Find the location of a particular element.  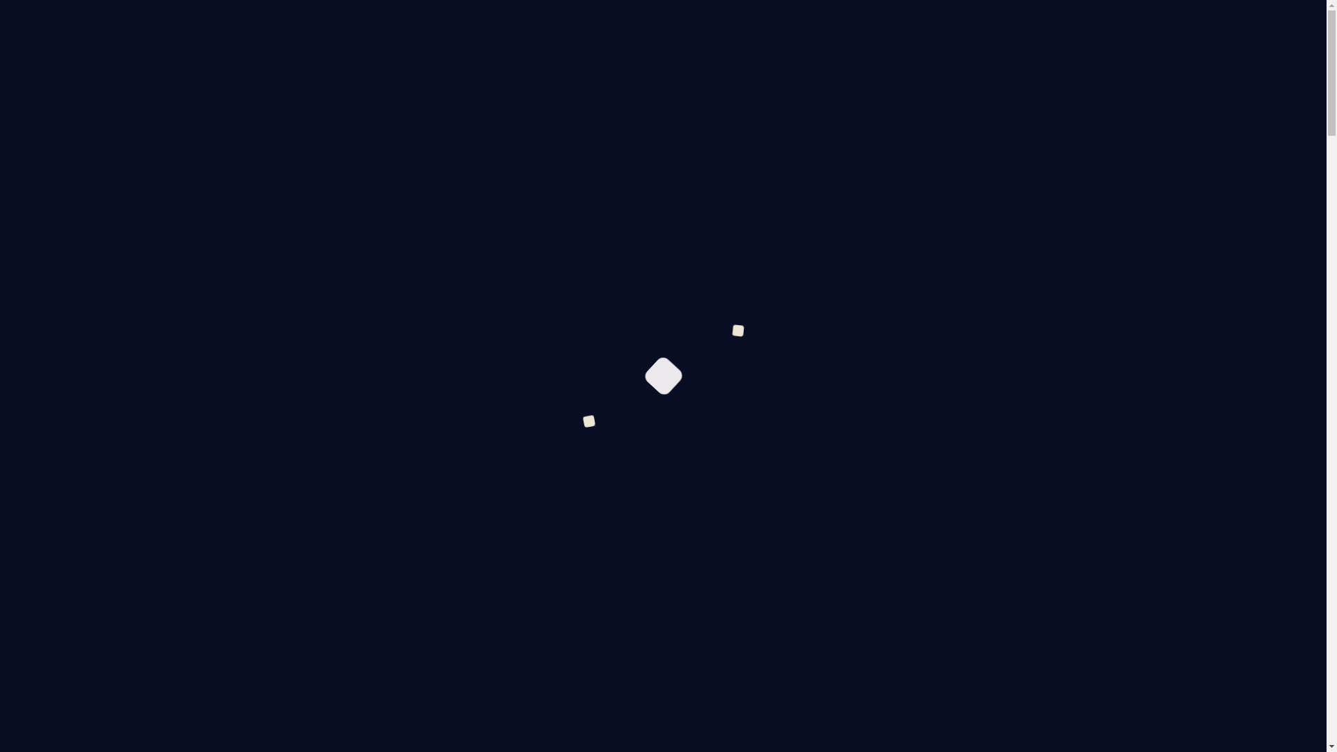

'Skinchanger.cc' is located at coordinates (0, 23).